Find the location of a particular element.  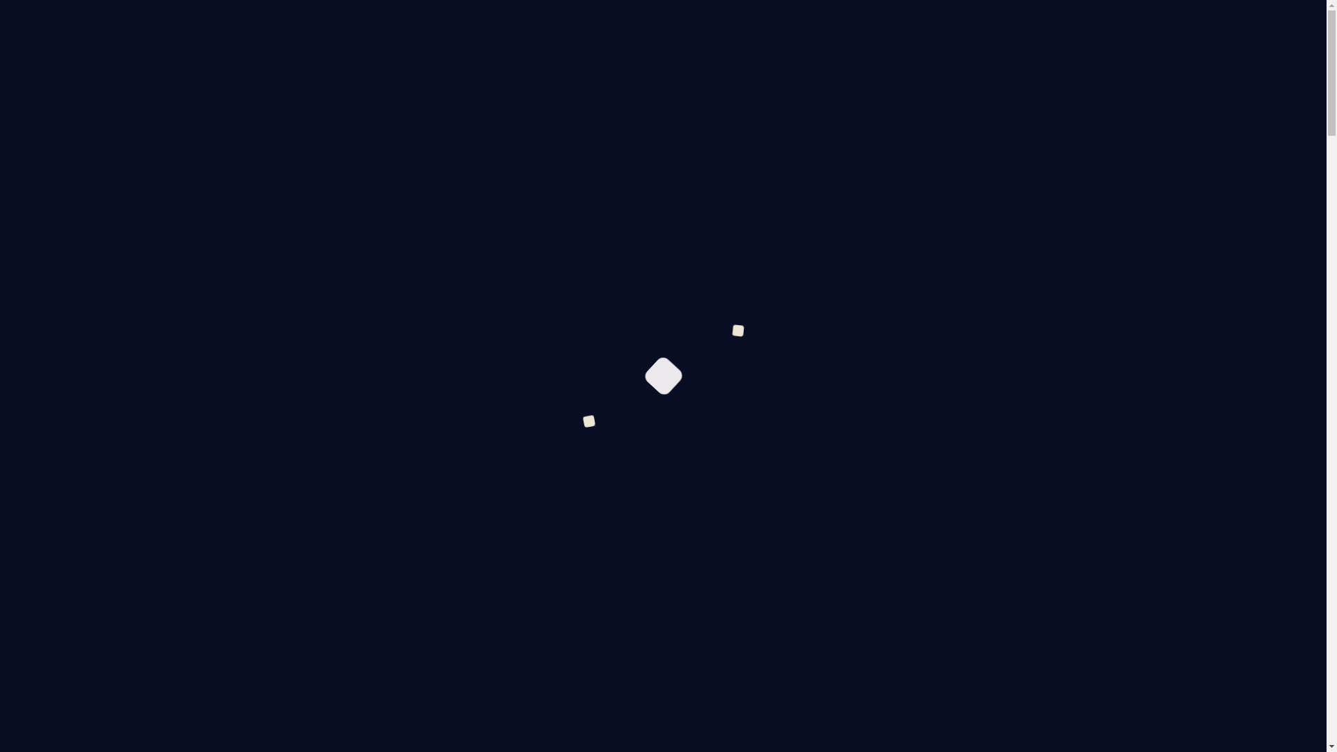

'Skinchanger.cc' is located at coordinates (0, 23).